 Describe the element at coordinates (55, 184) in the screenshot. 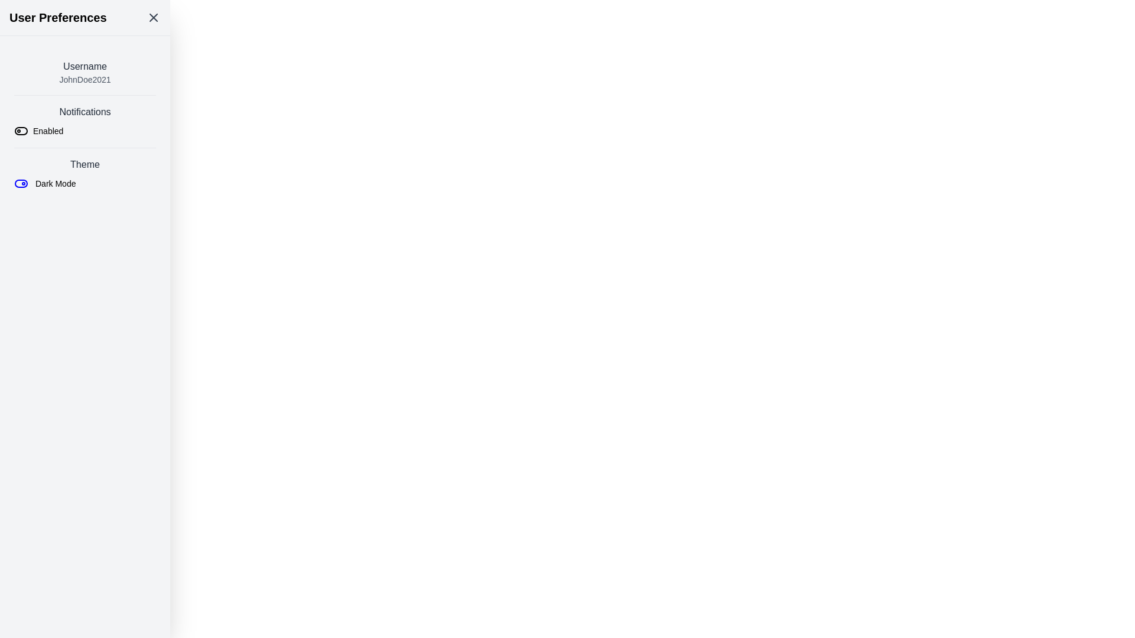

I see `the text label for the 'Dark Mode' toggle switch, which is located under the 'Theme' section in the settings menu` at that location.